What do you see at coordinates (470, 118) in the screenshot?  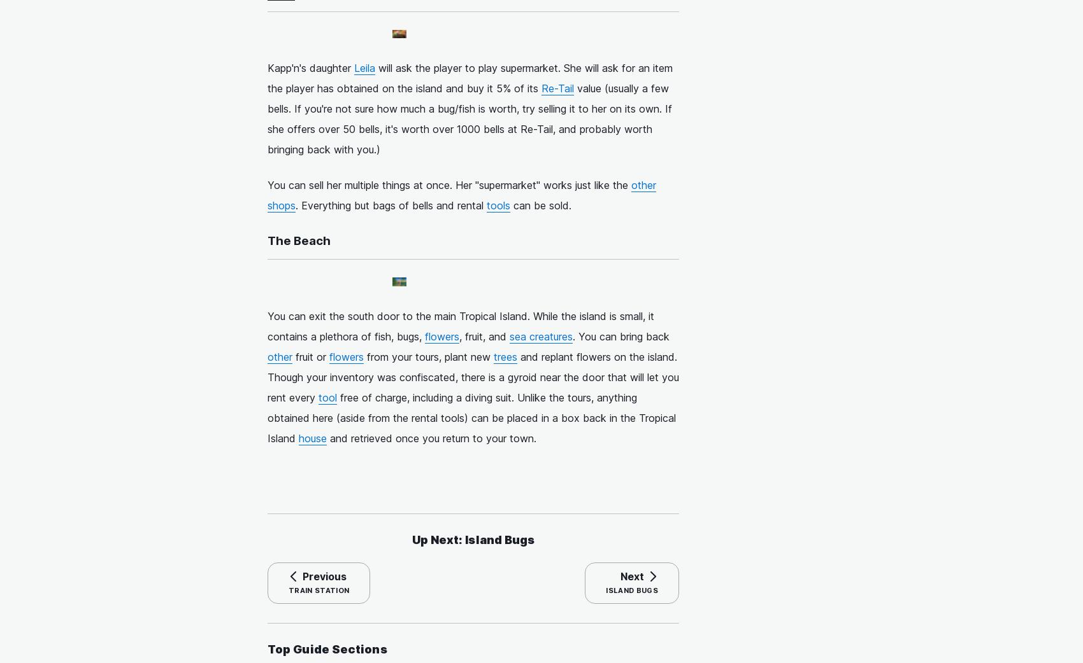 I see `'value (usually a few bells. If you're not sure how much a bug/fish is worth, try selling it to her on its own. If she offers over 50 bells, it's worth over 1000 bells at Re-Tail, and probably worth bringing back with you.)'` at bounding box center [470, 118].